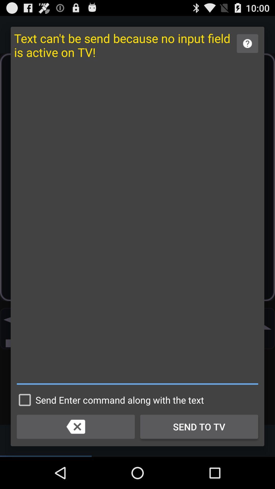 This screenshot has width=275, height=489. What do you see at coordinates (76, 427) in the screenshot?
I see `item at the bottom left corner` at bounding box center [76, 427].